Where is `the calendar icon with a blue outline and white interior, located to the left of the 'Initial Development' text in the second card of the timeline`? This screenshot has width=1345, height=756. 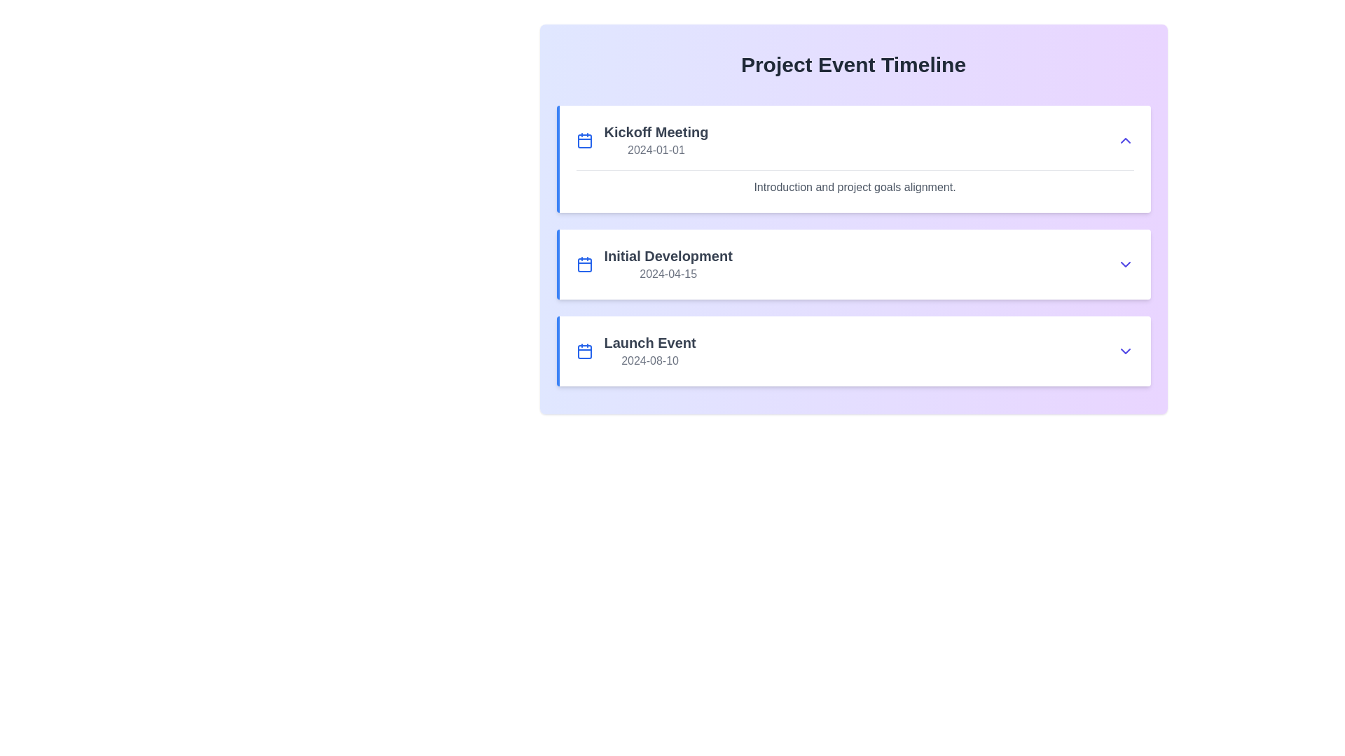 the calendar icon with a blue outline and white interior, located to the left of the 'Initial Development' text in the second card of the timeline is located at coordinates (584, 265).